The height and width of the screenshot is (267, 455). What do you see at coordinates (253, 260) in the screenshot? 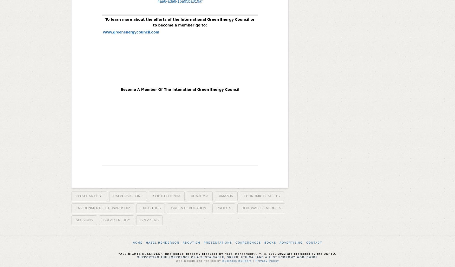
I see `'|'` at bounding box center [253, 260].